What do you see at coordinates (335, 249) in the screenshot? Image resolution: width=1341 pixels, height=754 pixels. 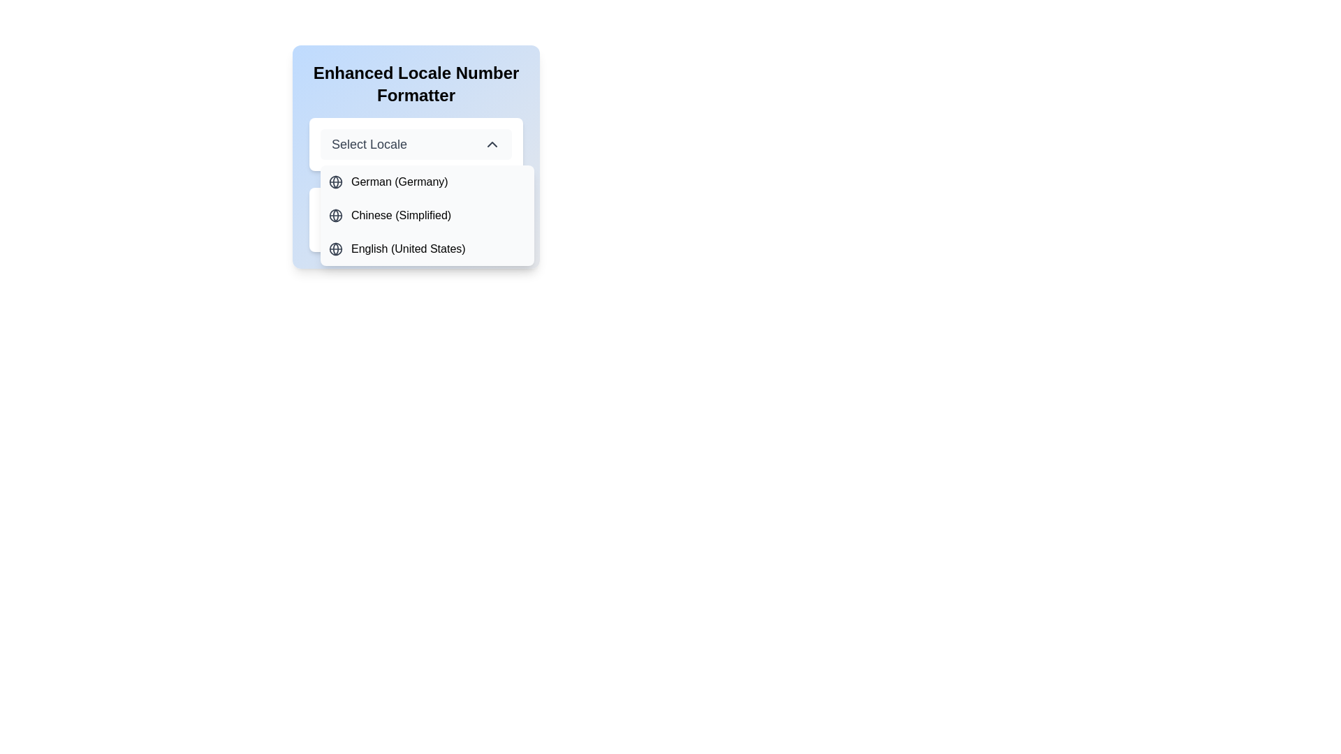 I see `the decorative SVG Circle that represents a globe icon for language selection, located within the dropdown menu of the locale selector component` at bounding box center [335, 249].